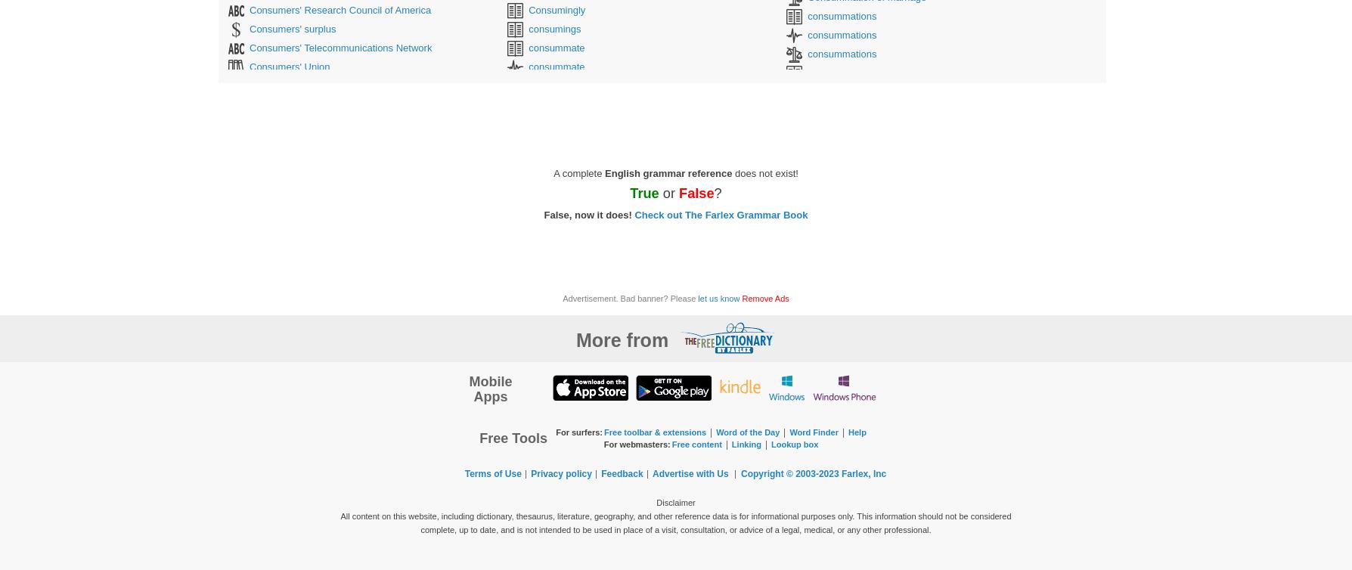  I want to click on 'Privacy policy', so click(560, 473).